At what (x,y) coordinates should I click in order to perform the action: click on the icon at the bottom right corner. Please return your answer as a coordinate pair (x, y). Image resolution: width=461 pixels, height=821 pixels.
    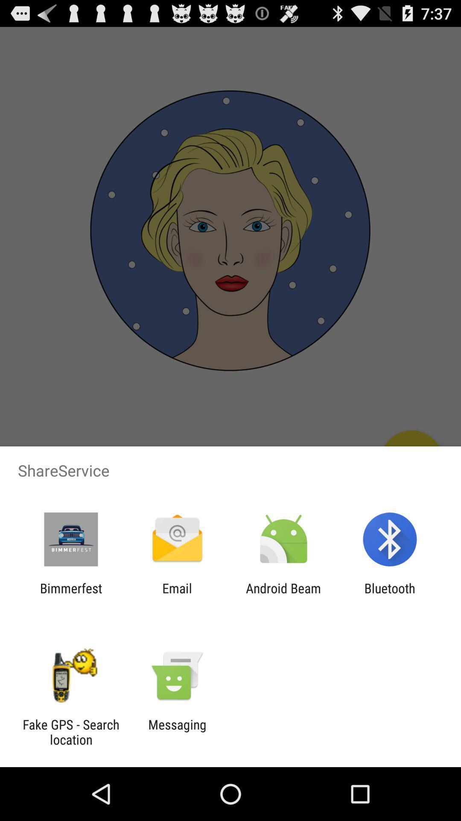
    Looking at the image, I should click on (390, 595).